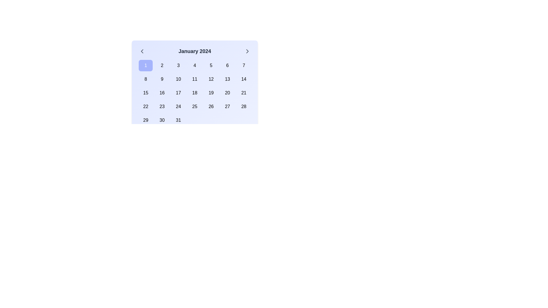 Image resolution: width=548 pixels, height=308 pixels. Describe the element at coordinates (247, 51) in the screenshot. I see `the right-facing chevron button` at that location.